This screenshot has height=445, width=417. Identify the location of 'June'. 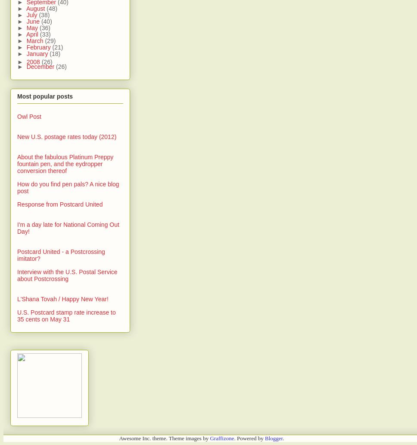
(25, 22).